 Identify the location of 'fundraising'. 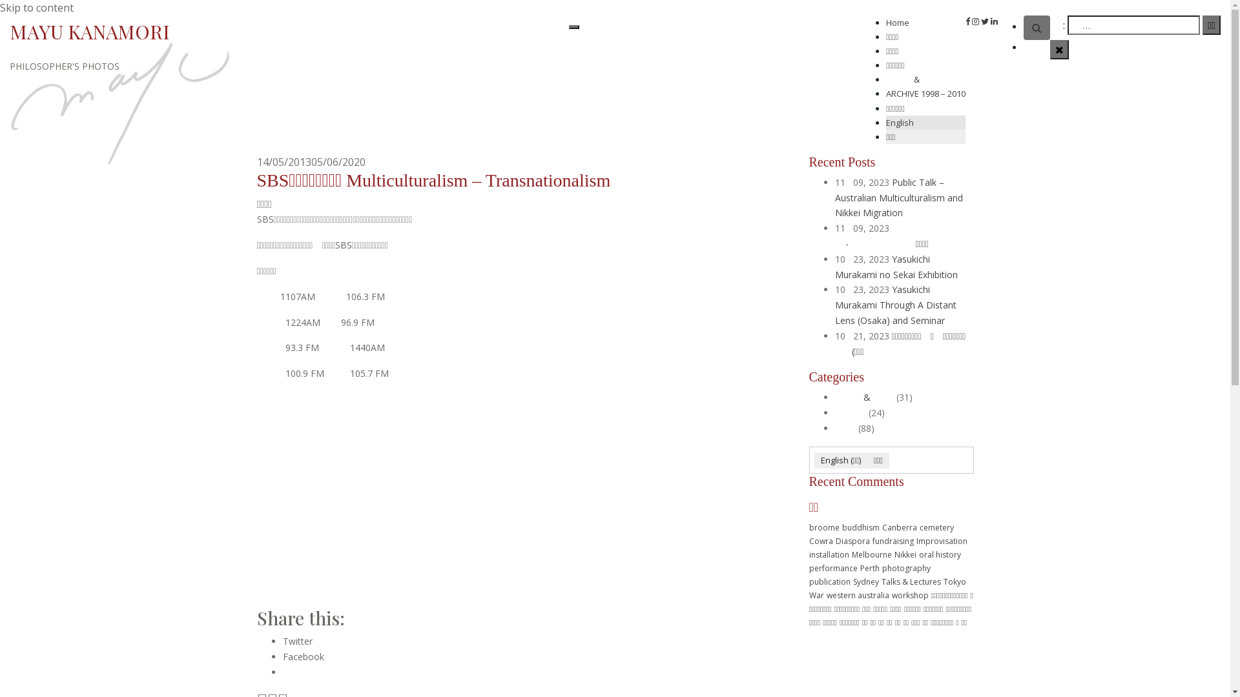
(892, 541).